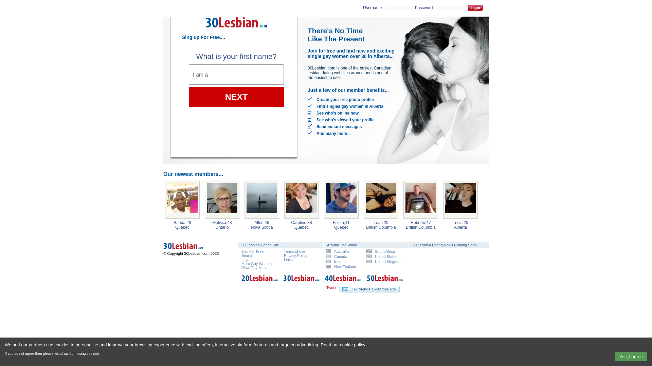 Image resolution: width=652 pixels, height=366 pixels. What do you see at coordinates (631, 356) in the screenshot?
I see `'Yes, I agree'` at bounding box center [631, 356].